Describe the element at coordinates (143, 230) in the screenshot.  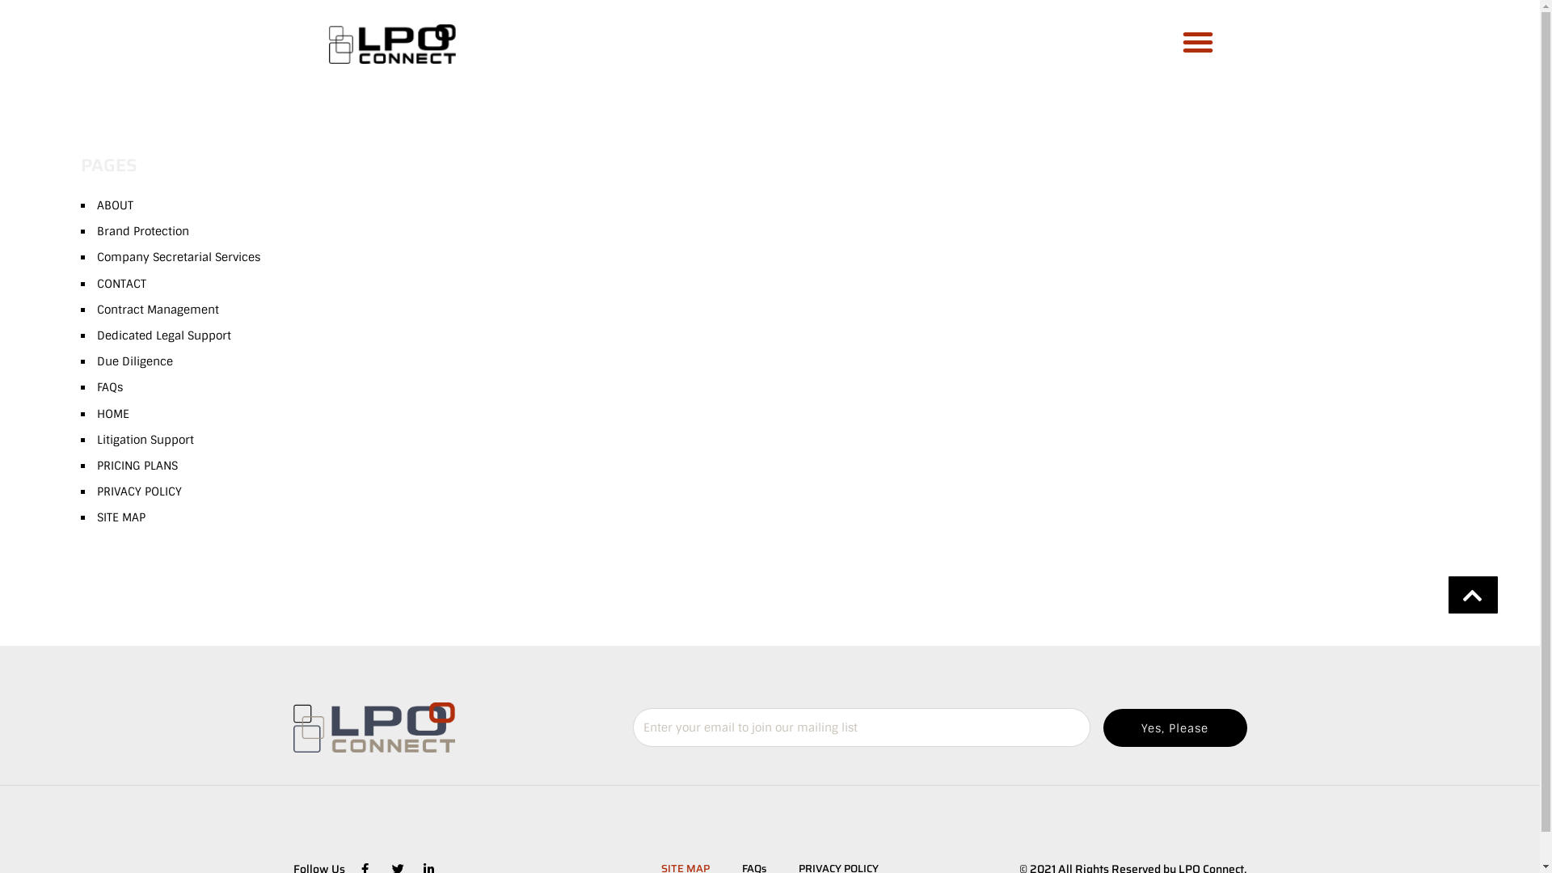
I see `'Brand Protection'` at that location.